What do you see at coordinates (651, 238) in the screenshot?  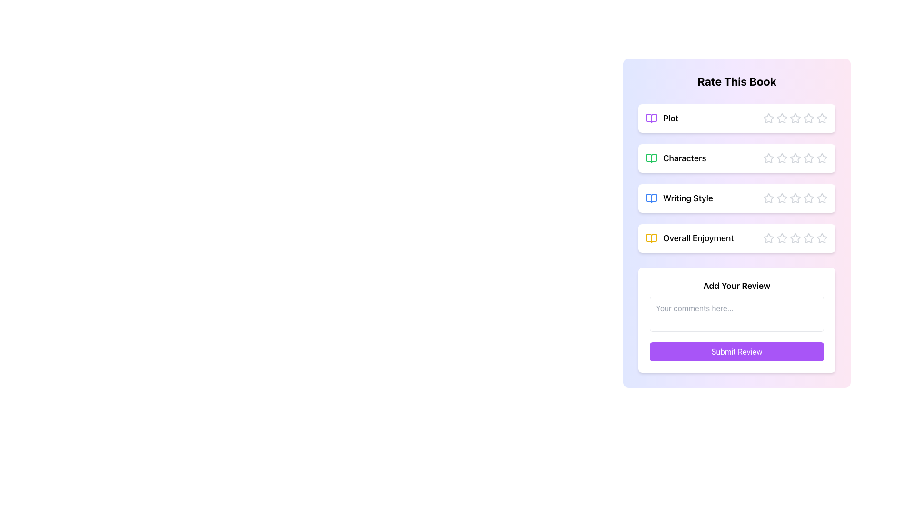 I see `the bottom-left part of the yellow open book icon, which is part of the 'Overall Enjoyment' rating section` at bounding box center [651, 238].